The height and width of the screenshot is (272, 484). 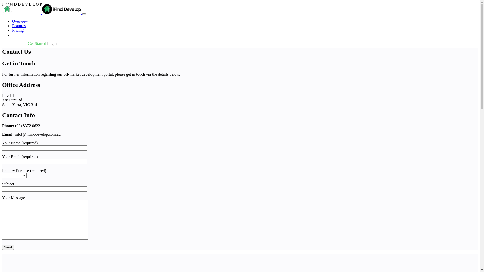 I want to click on 'Pricing', so click(x=18, y=30).